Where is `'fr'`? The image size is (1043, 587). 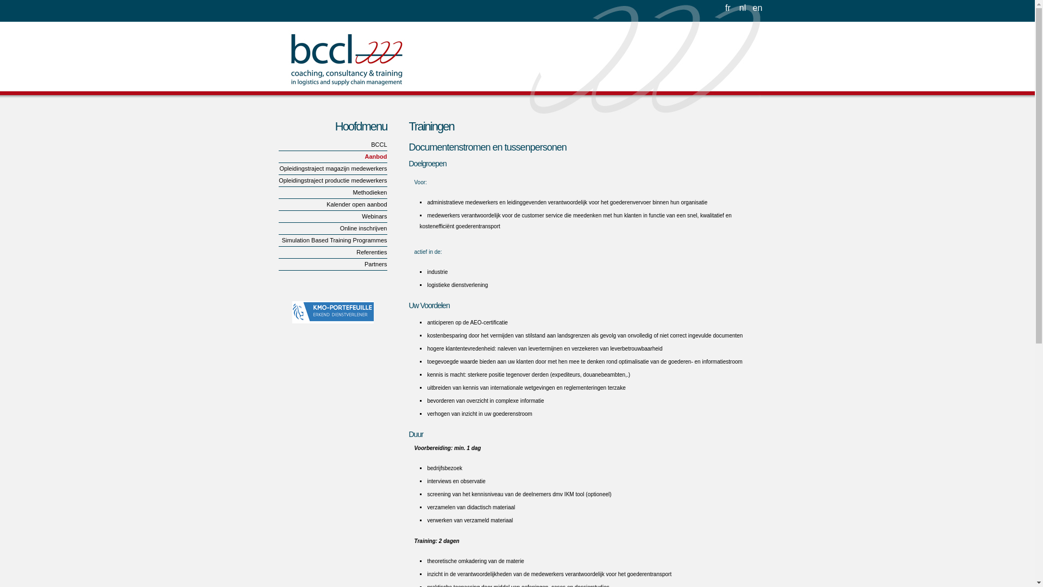 'fr' is located at coordinates (728, 7).